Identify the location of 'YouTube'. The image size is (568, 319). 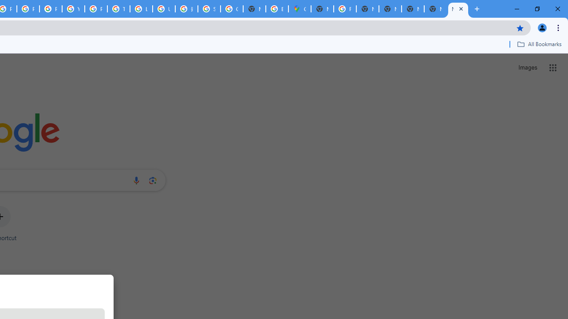
(73, 9).